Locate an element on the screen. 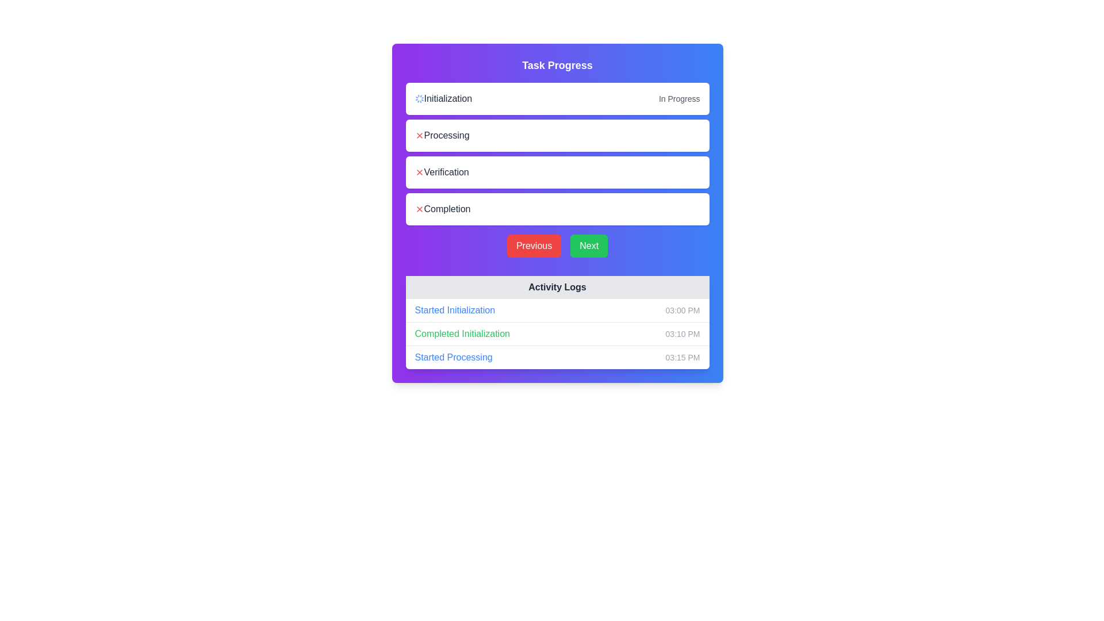 The width and height of the screenshot is (1104, 621). the Loading spinner icon, which is a small circular rotating icon styled with a blue stroke, located next to the 'Initialization' label in the 'Task Progress' section is located at coordinates (419, 98).